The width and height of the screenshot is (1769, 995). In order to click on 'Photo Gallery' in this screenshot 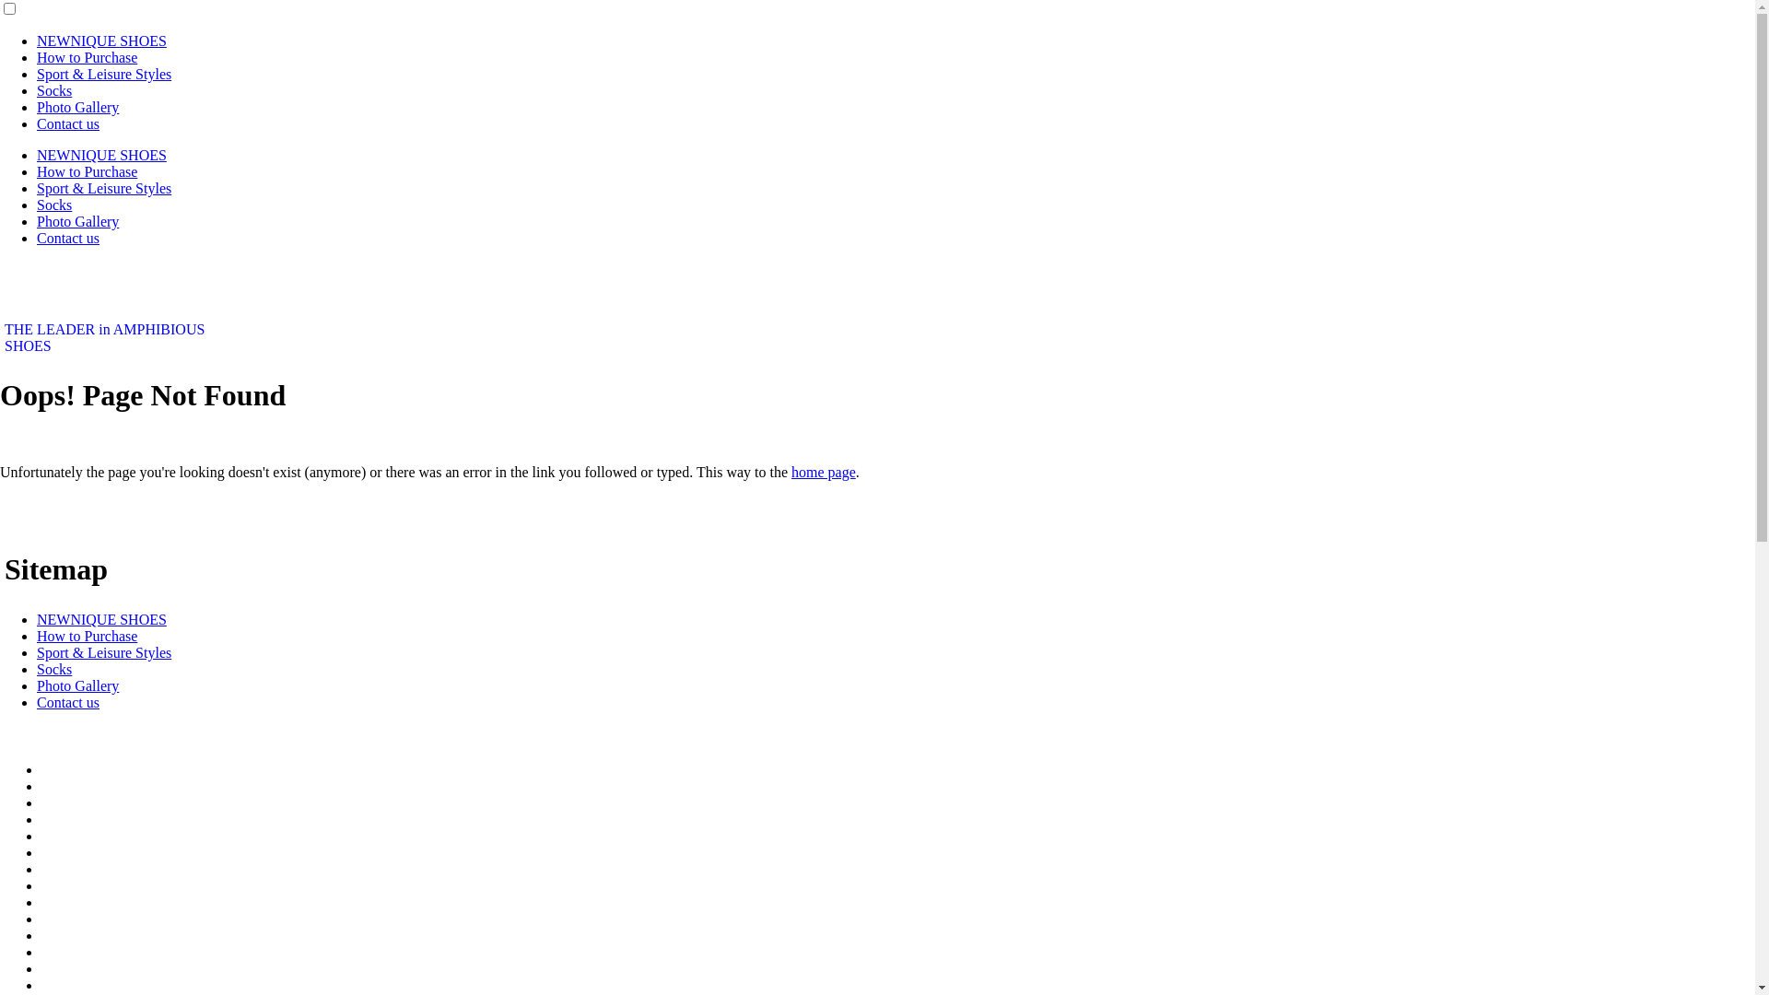, I will do `click(76, 220)`.